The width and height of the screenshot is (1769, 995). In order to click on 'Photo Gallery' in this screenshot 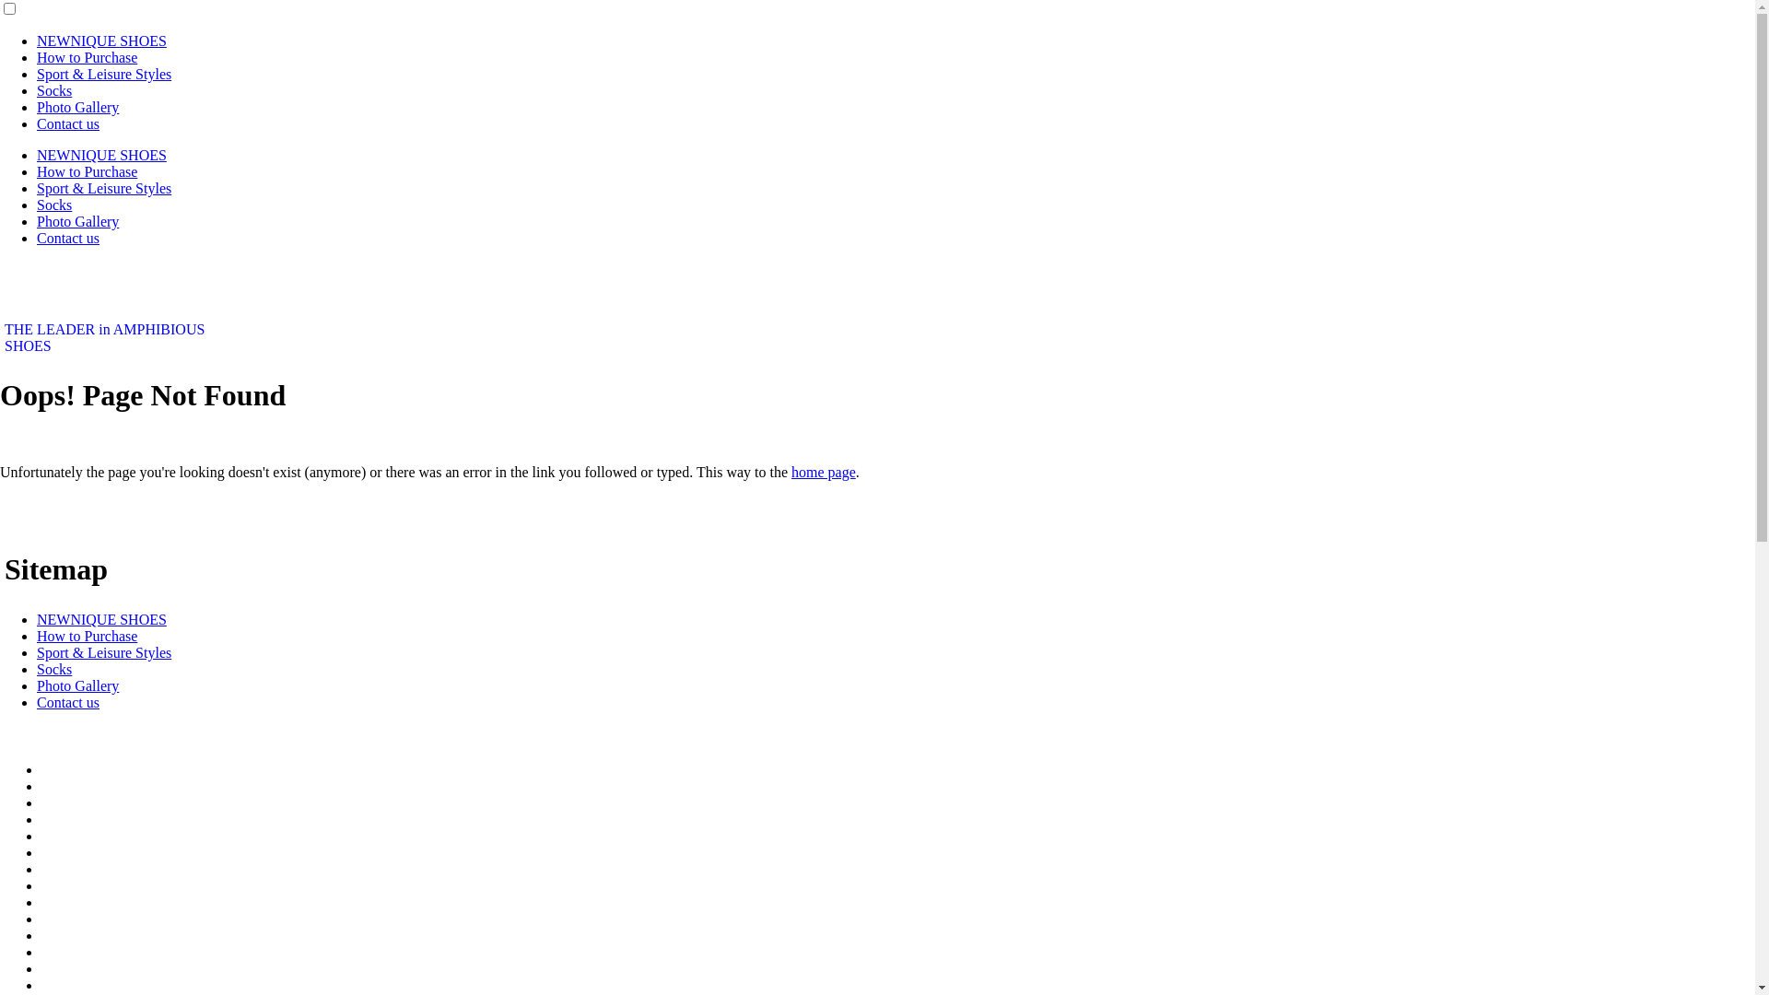, I will do `click(76, 220)`.